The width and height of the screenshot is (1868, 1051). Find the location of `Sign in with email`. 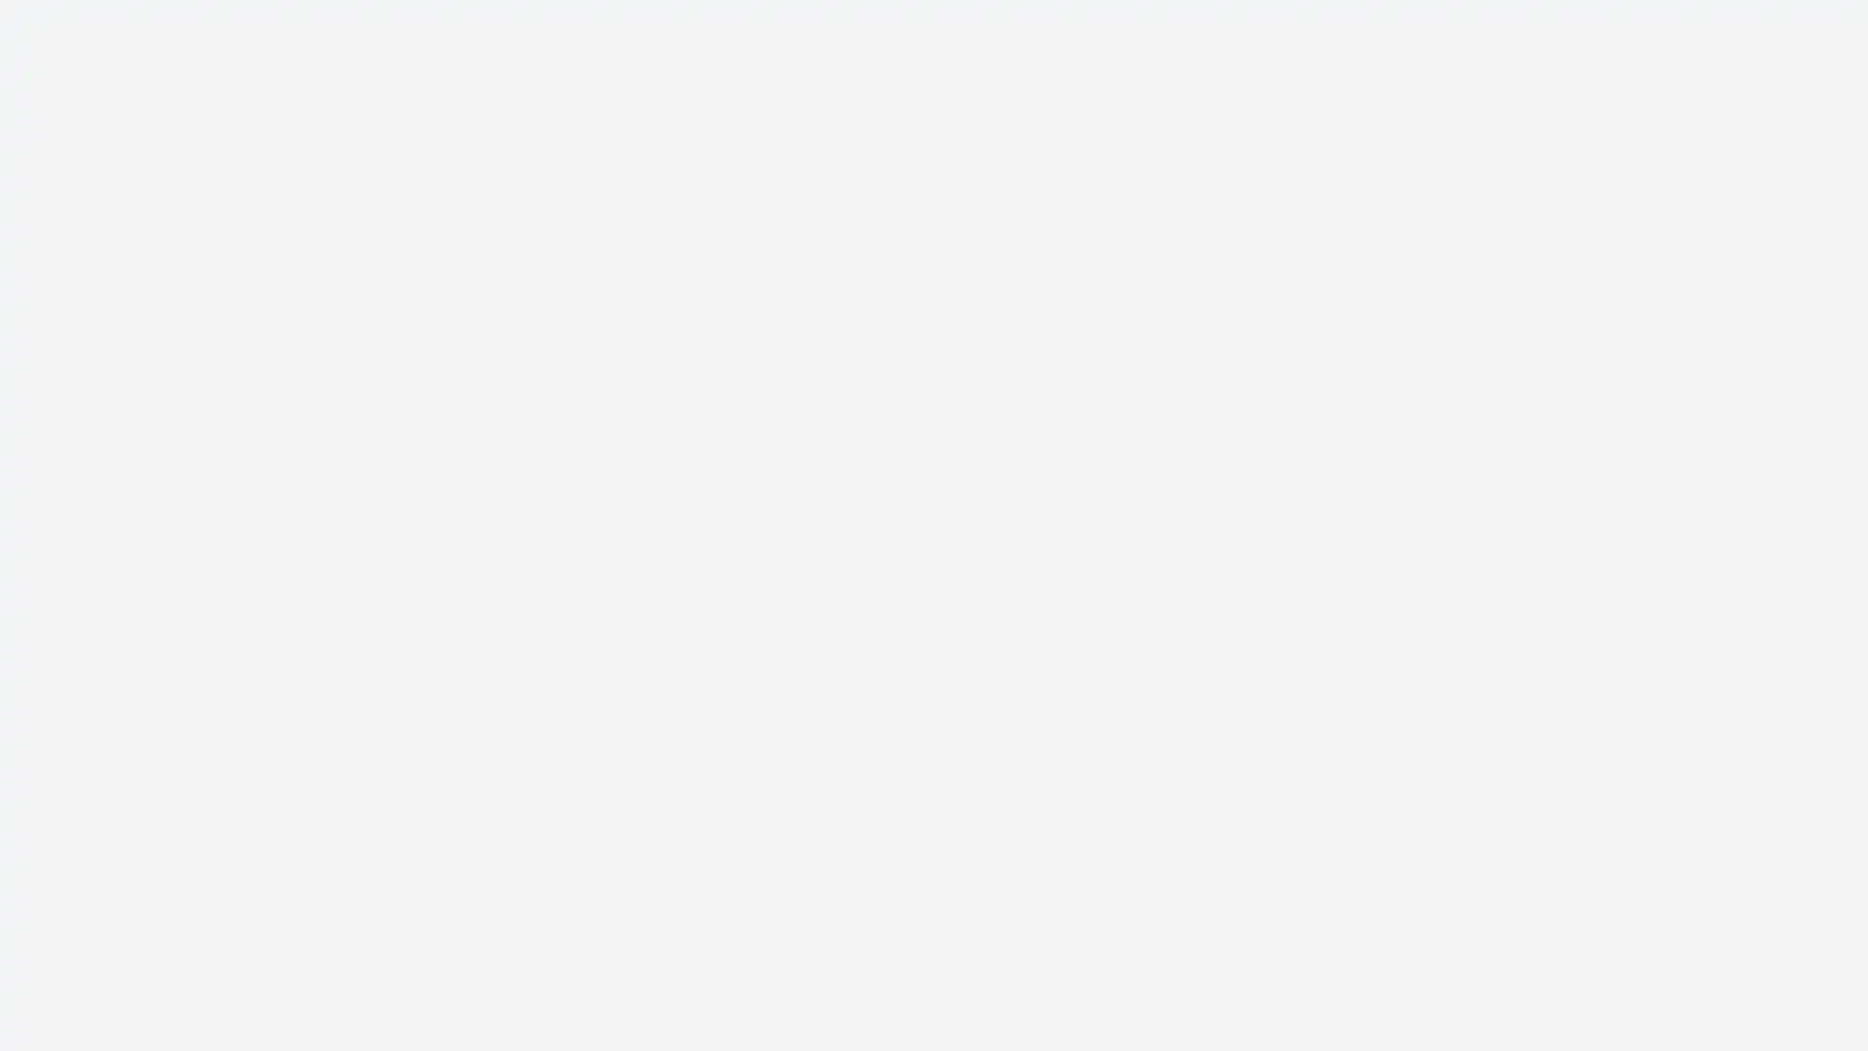

Sign in with email is located at coordinates (934, 489).